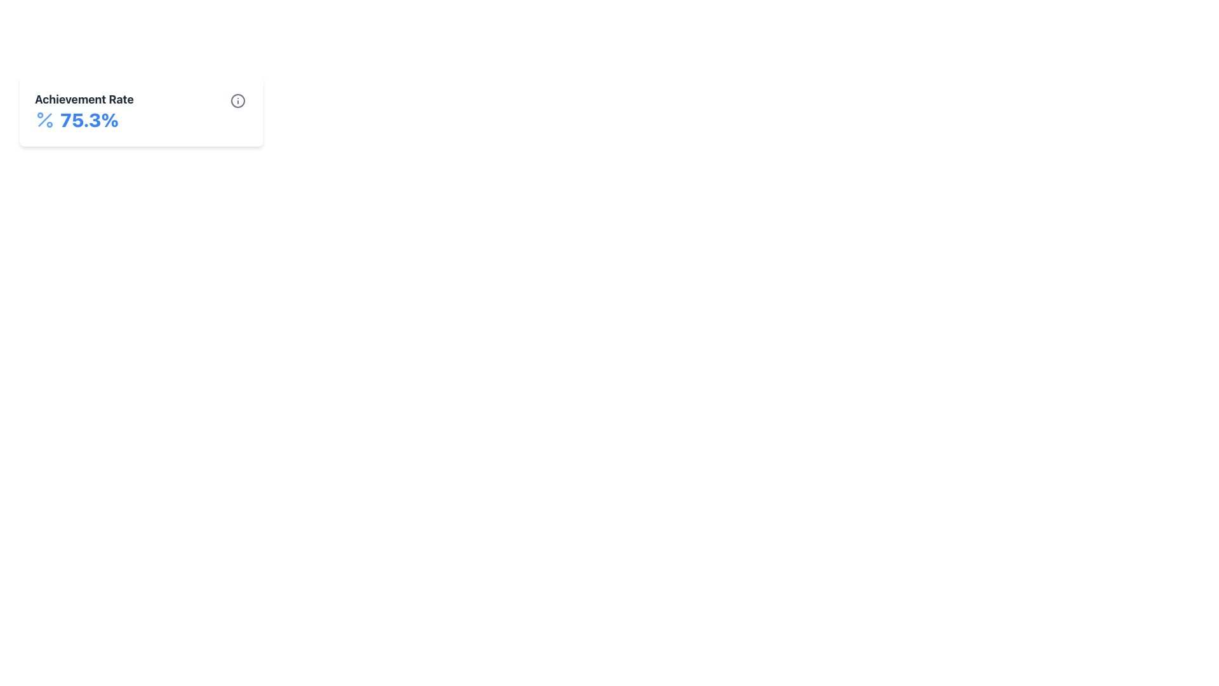  Describe the element at coordinates (45, 120) in the screenshot. I see `the central diagonal line of the percentage icon within the 'Achievement Rate' card, which is the largest graphical component among its siblings` at that location.